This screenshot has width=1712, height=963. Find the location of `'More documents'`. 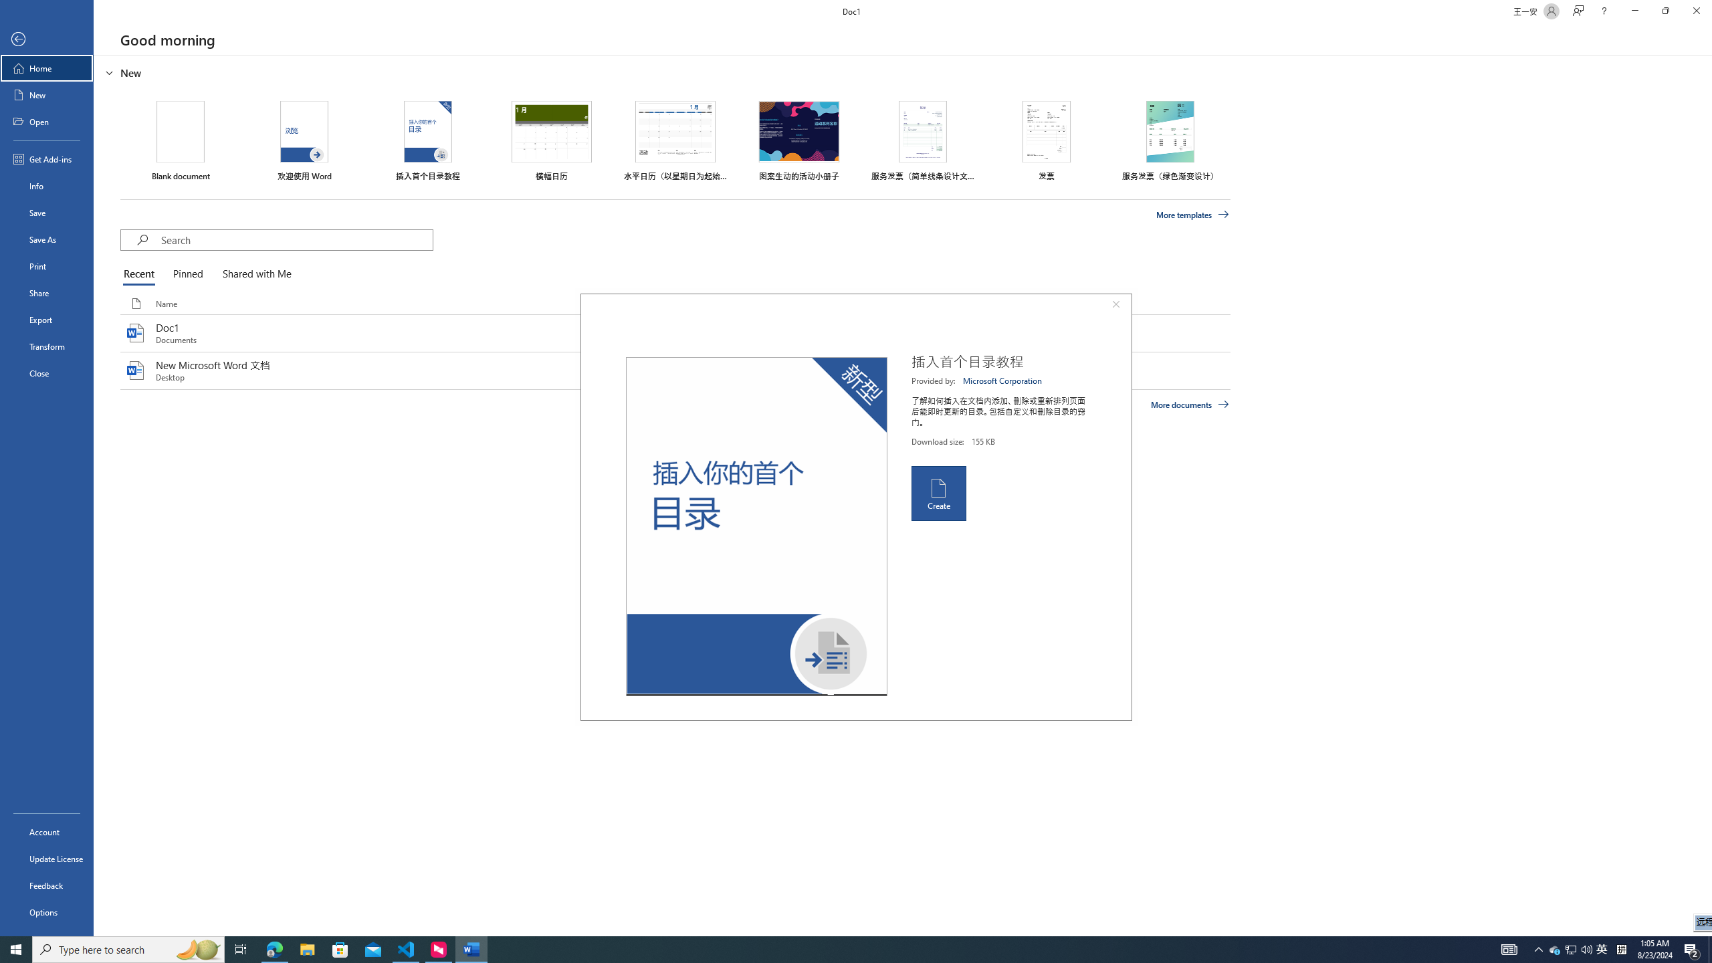

'More documents' is located at coordinates (1189, 404).